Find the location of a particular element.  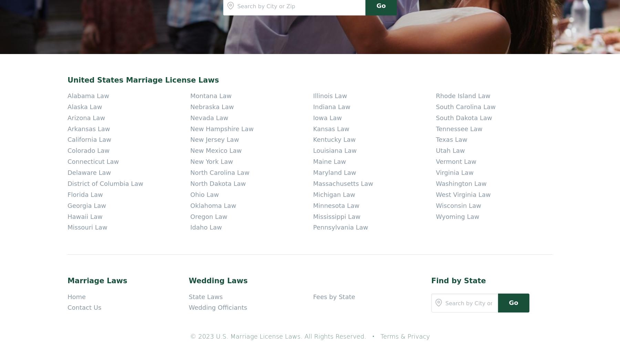

'Wyoming Law' is located at coordinates (457, 57).